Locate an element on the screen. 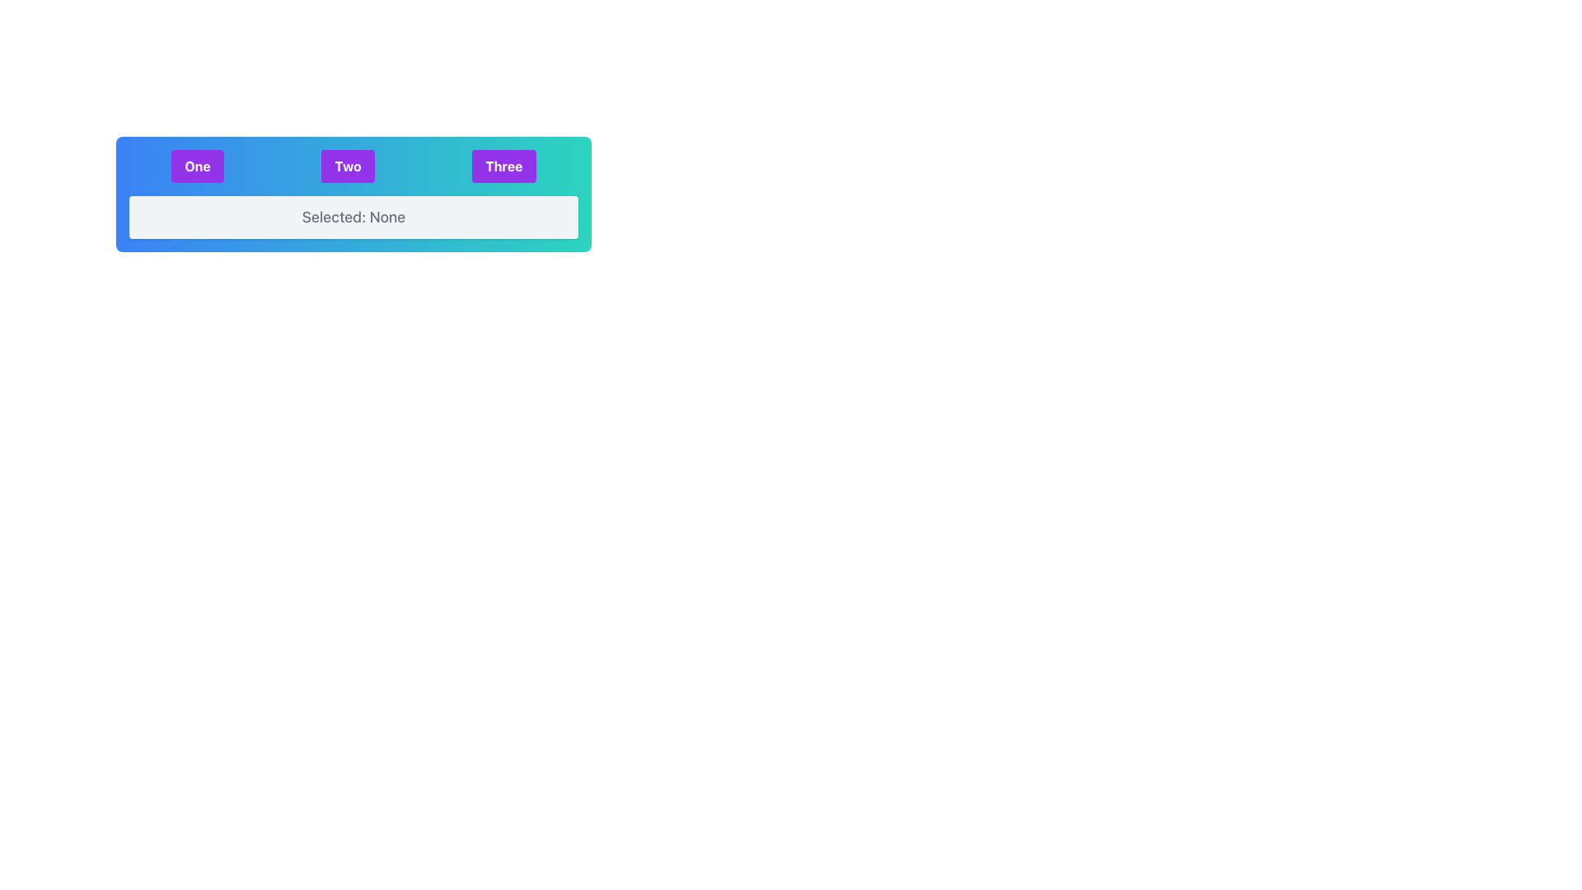 The image size is (1582, 890). the A row of buttons labeled 'One', 'Two', and 'Three', which are styled with a bold font on a vivid purple background is located at coordinates (353, 166).